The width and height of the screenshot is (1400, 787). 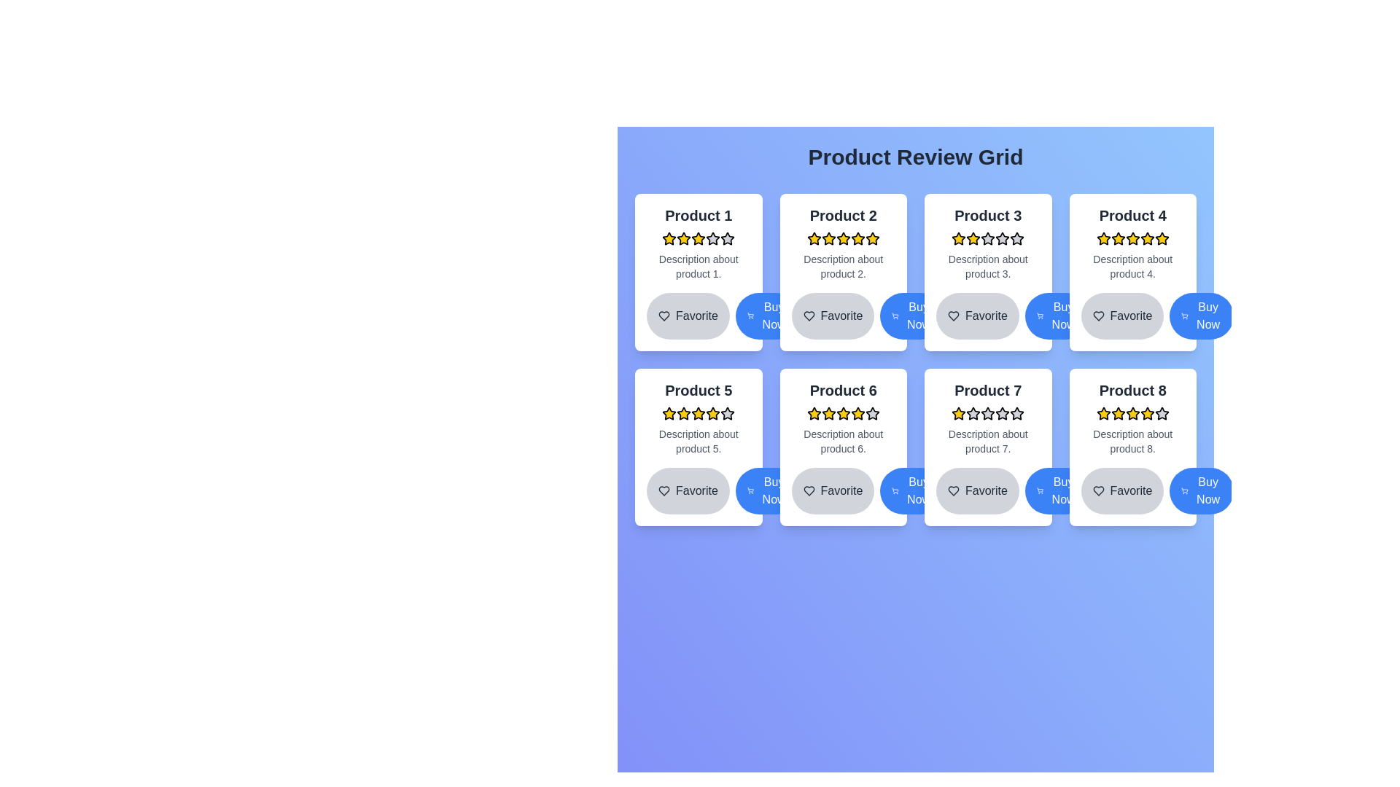 What do you see at coordinates (988, 413) in the screenshot?
I see `the third star from the left in the star rating visual indicator for 'Product 7', which is partially filled` at bounding box center [988, 413].